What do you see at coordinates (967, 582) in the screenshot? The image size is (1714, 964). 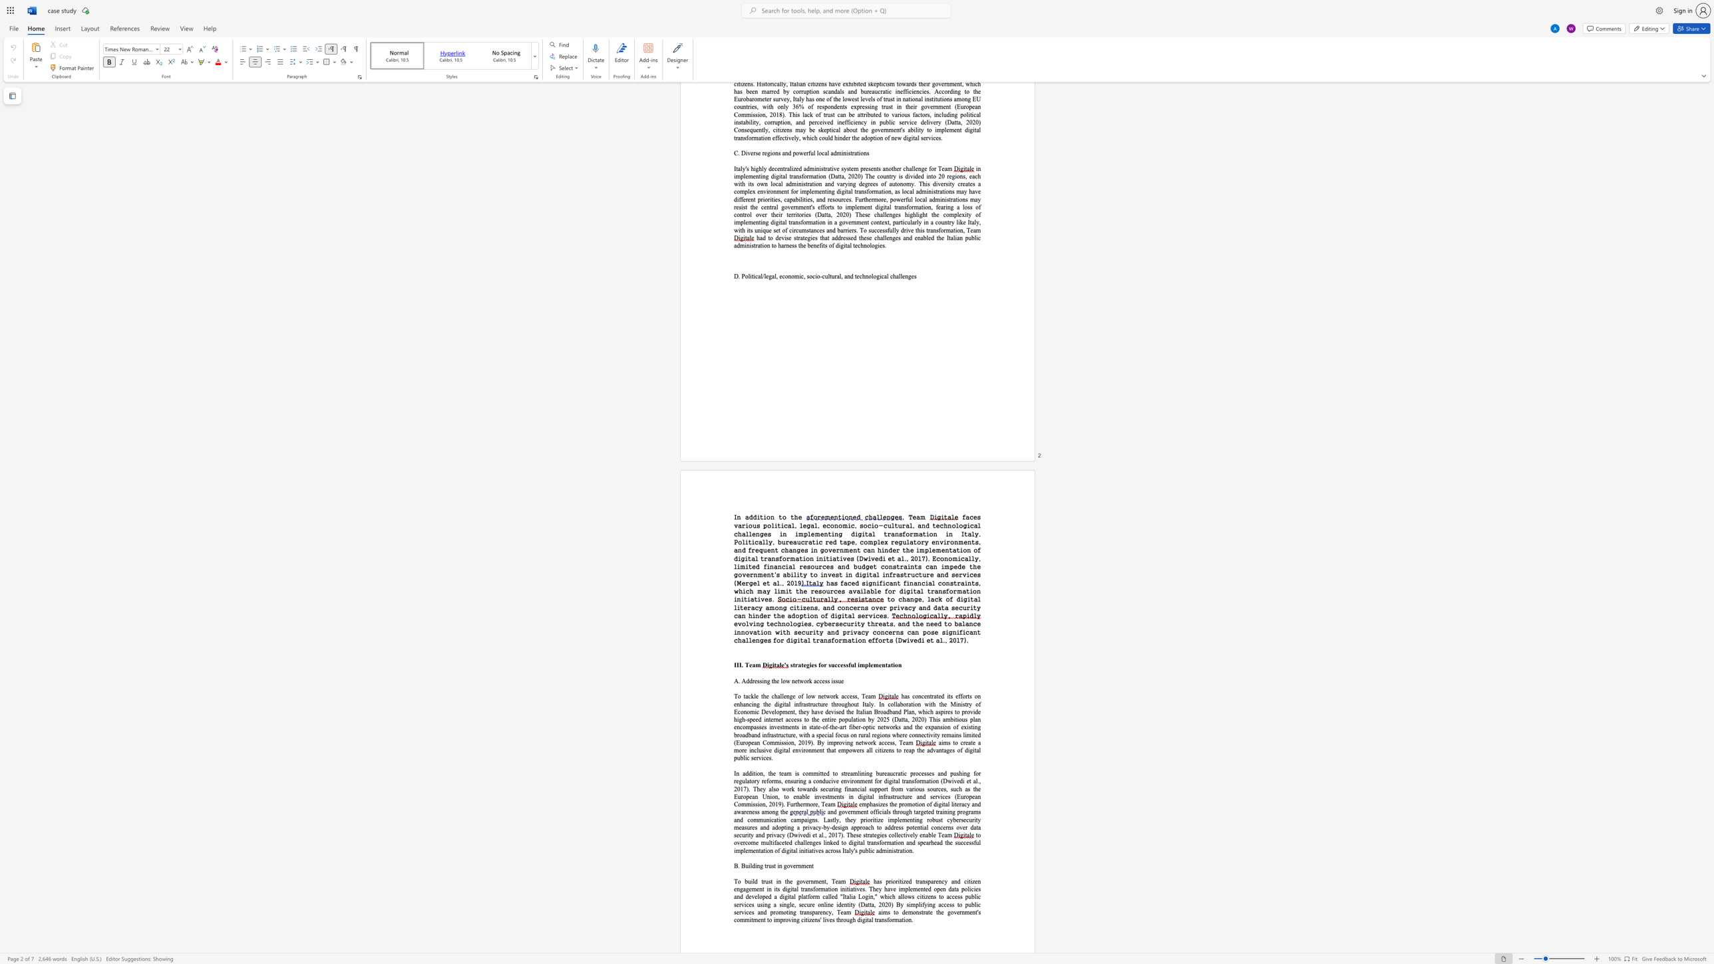 I see `the subset text "nts, which may limit the reso" within the text "has faced significant financial constraints, which may limit the resources available for digital transformation initiatives."` at bounding box center [967, 582].